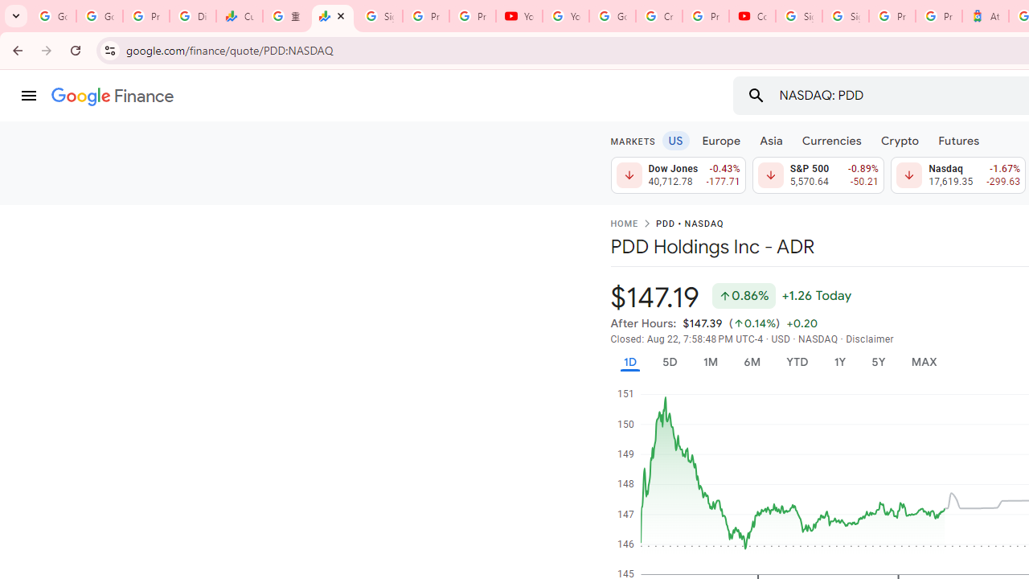 This screenshot has height=579, width=1029. I want to click on '1D', so click(629, 362).